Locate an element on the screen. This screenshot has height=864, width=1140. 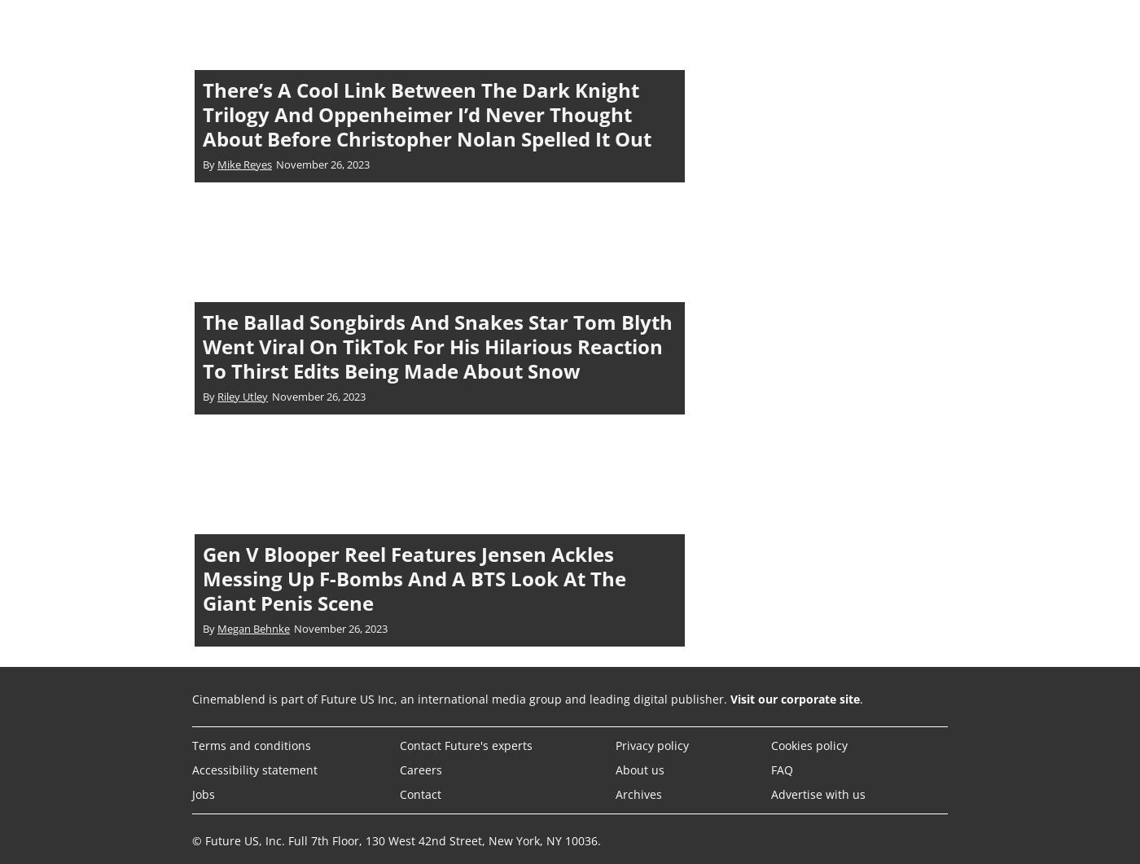
'Mike Reyes' is located at coordinates (244, 162).